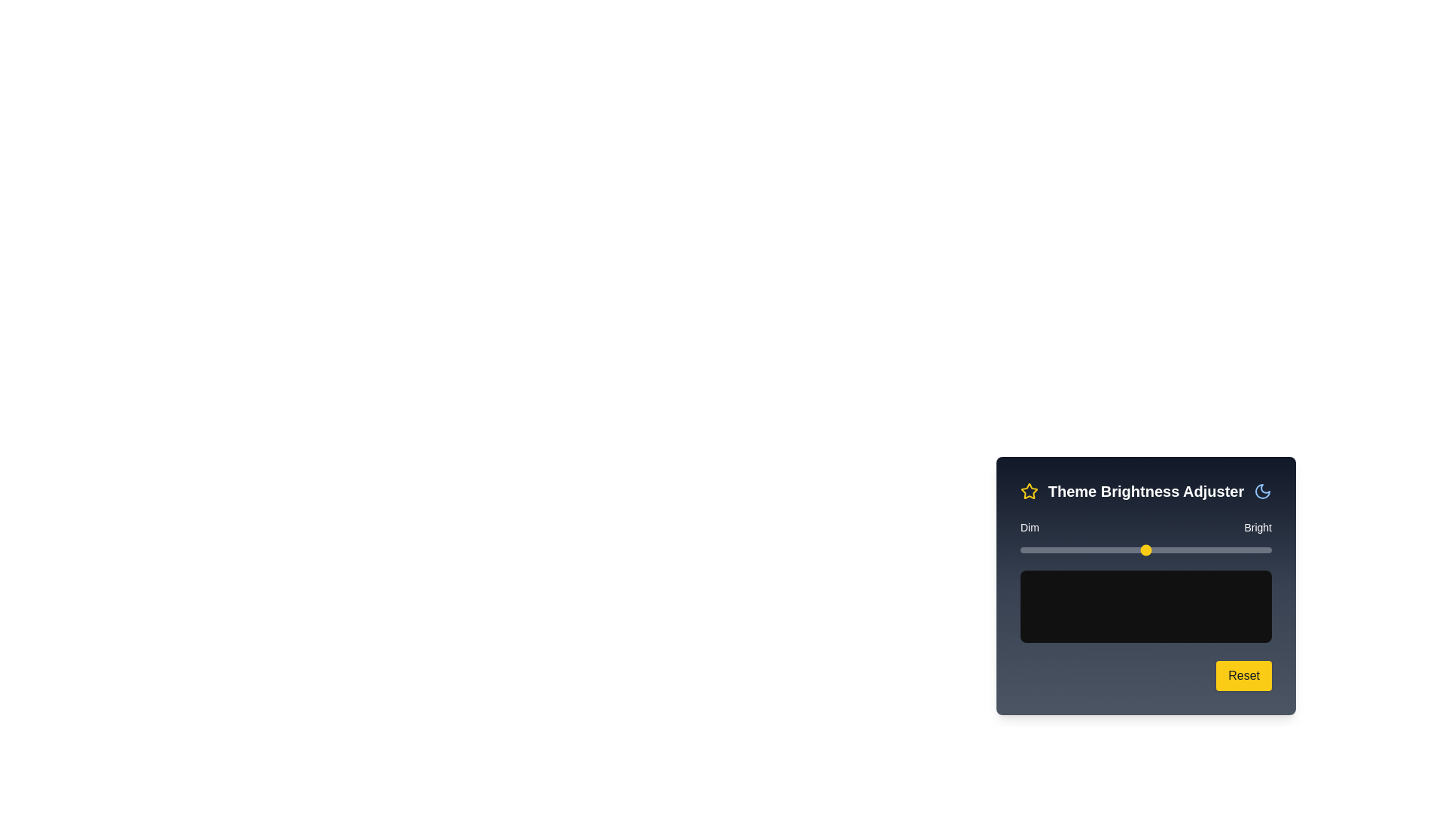 The width and height of the screenshot is (1445, 813). What do you see at coordinates (1268, 550) in the screenshot?
I see `the brightness slider to set the brightness to 99%` at bounding box center [1268, 550].